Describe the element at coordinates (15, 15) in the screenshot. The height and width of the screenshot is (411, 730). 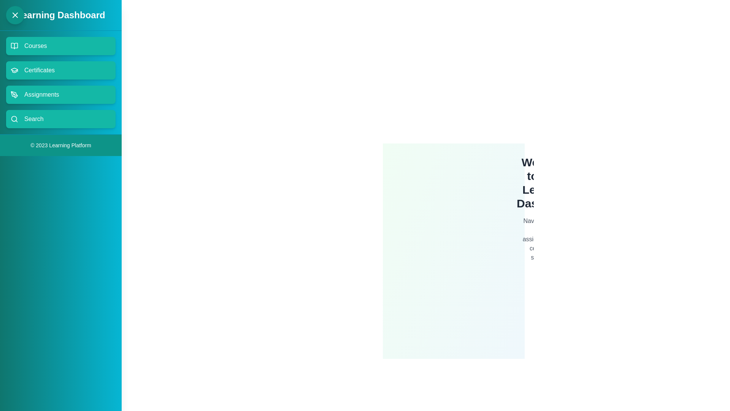
I see `the teal circular close button located near the top-left corner of the user interface` at that location.